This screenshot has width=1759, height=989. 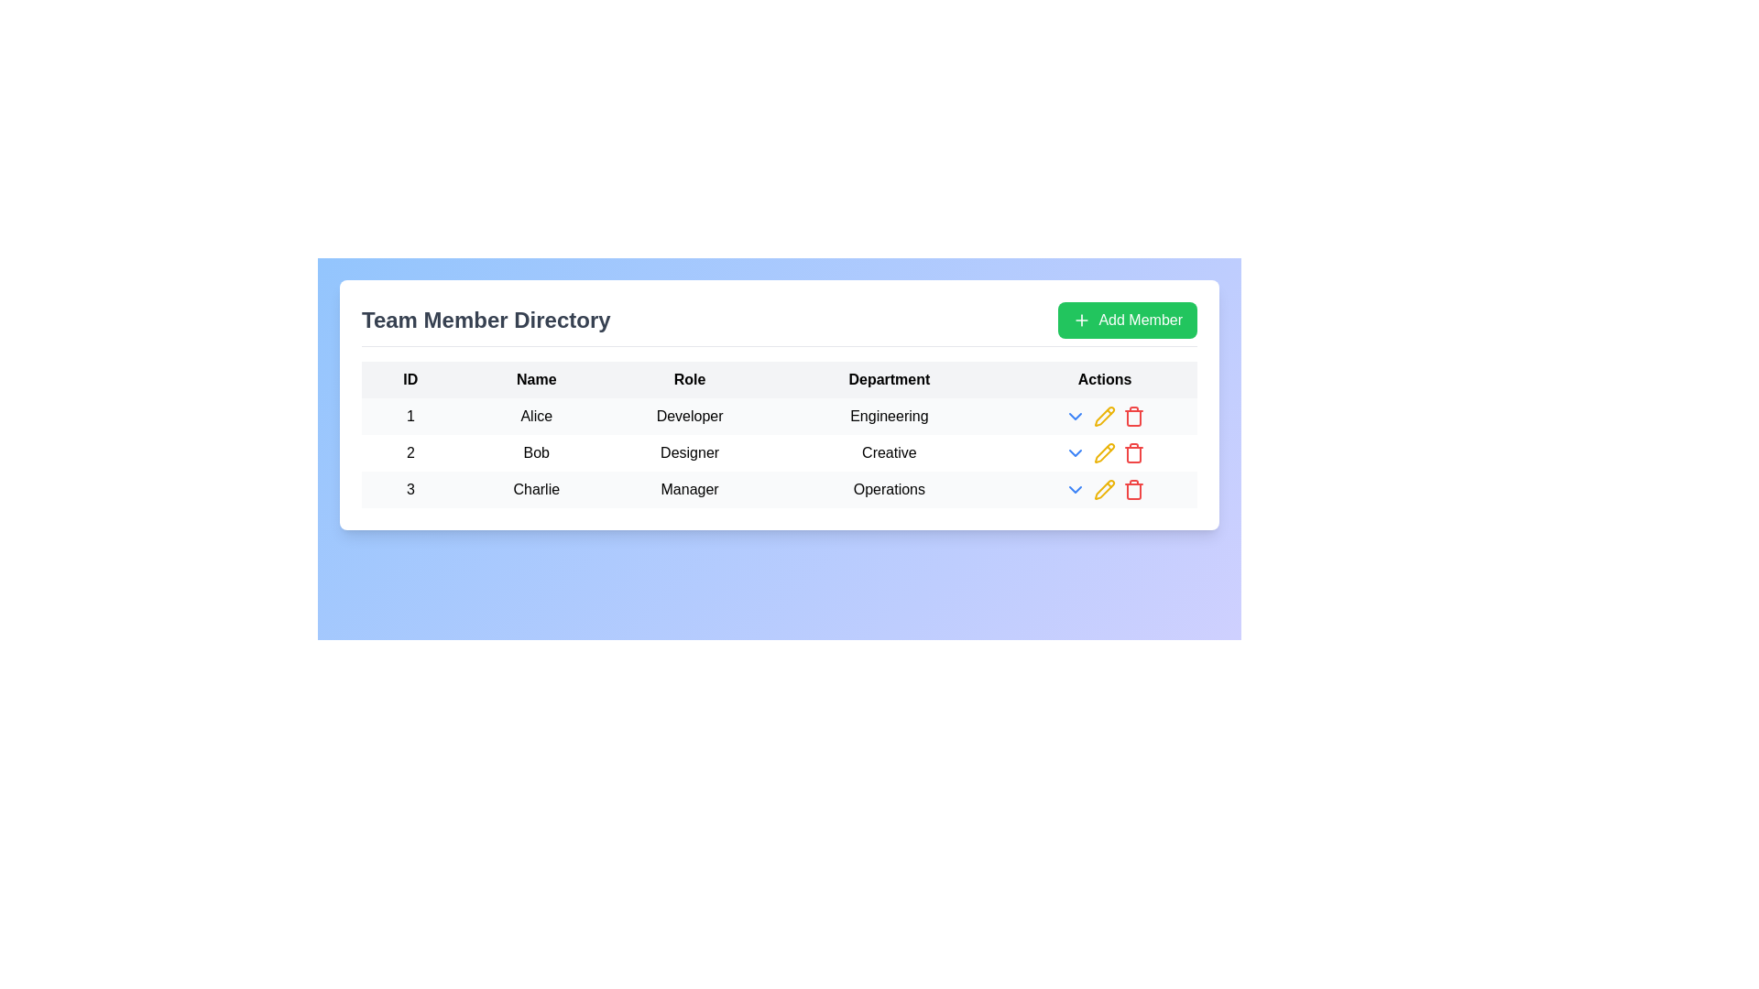 I want to click on the header text indicating the content or purpose of the interface, which is positioned at the top-left corner above the team member information table, so click(x=486, y=320).